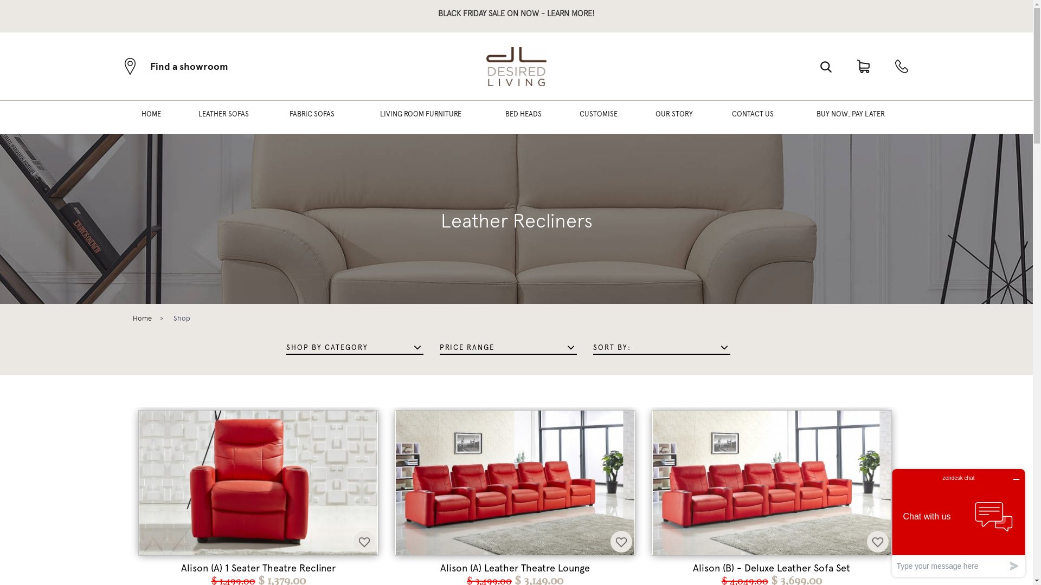 The width and height of the screenshot is (1041, 585). What do you see at coordinates (516, 13) in the screenshot?
I see `'BLACK FRIDAY SALE ON NOW - LEARN MORE!'` at bounding box center [516, 13].